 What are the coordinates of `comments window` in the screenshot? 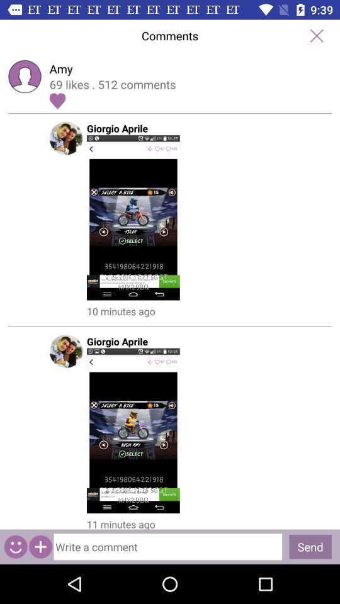 It's located at (316, 35).